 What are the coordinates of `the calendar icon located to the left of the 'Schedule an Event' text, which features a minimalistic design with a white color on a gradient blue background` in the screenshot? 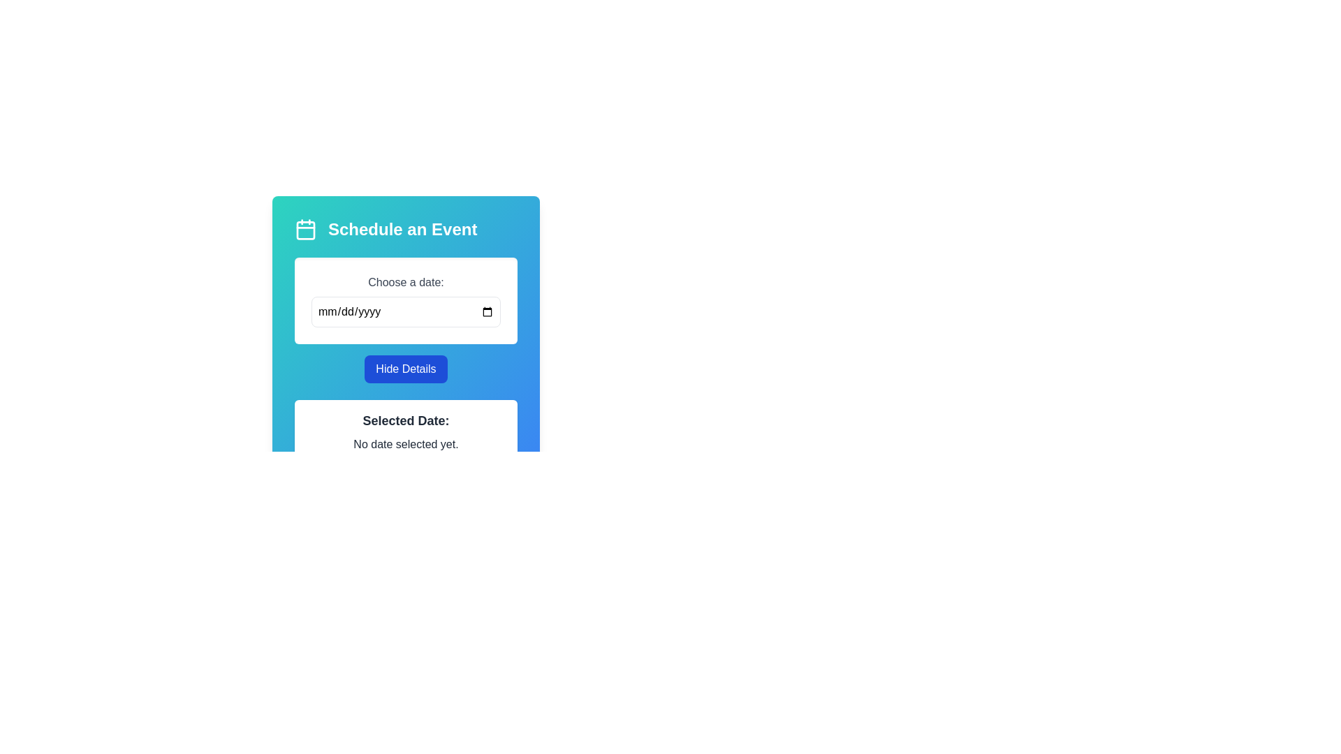 It's located at (305, 228).